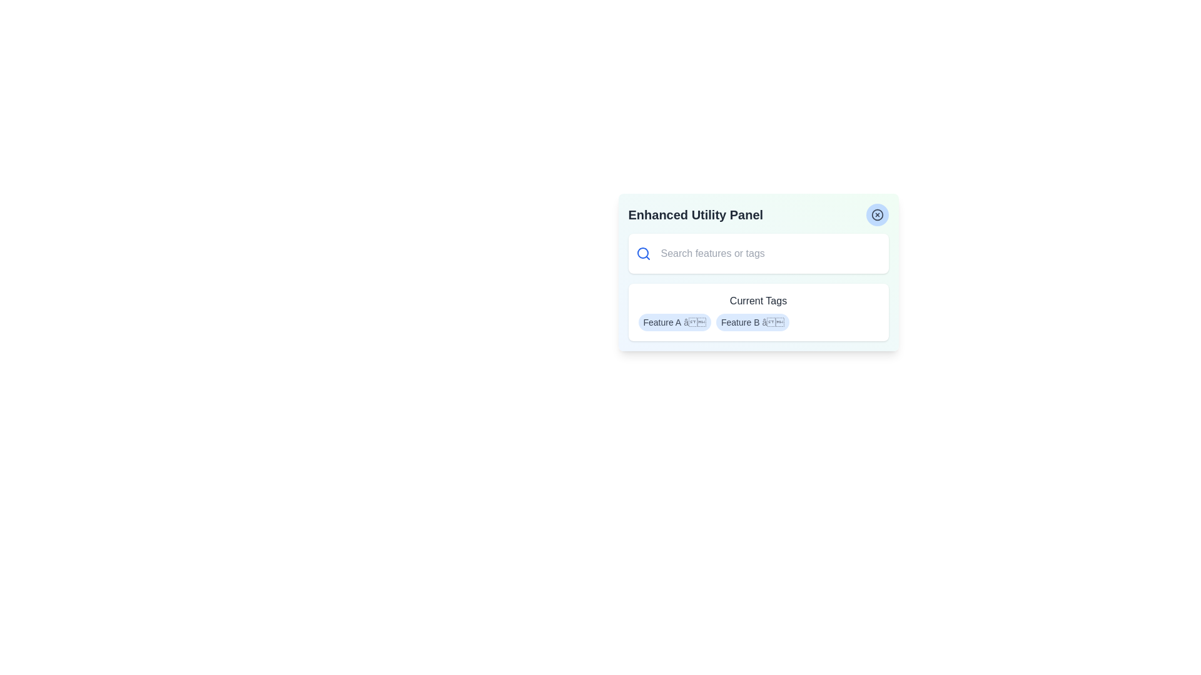 Image resolution: width=1201 pixels, height=675 pixels. What do you see at coordinates (752, 322) in the screenshot?
I see `the interactive cross icon on the second tag in the 'Current Tags' section` at bounding box center [752, 322].